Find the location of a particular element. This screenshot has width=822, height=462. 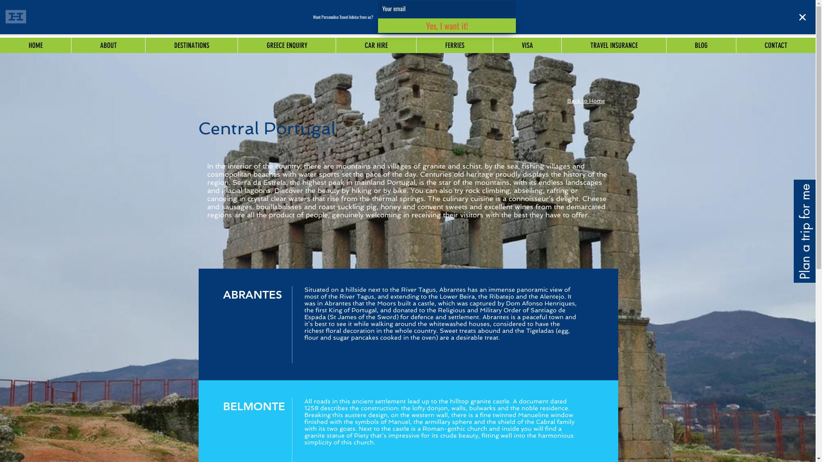

'FERRIES' is located at coordinates (454, 45).